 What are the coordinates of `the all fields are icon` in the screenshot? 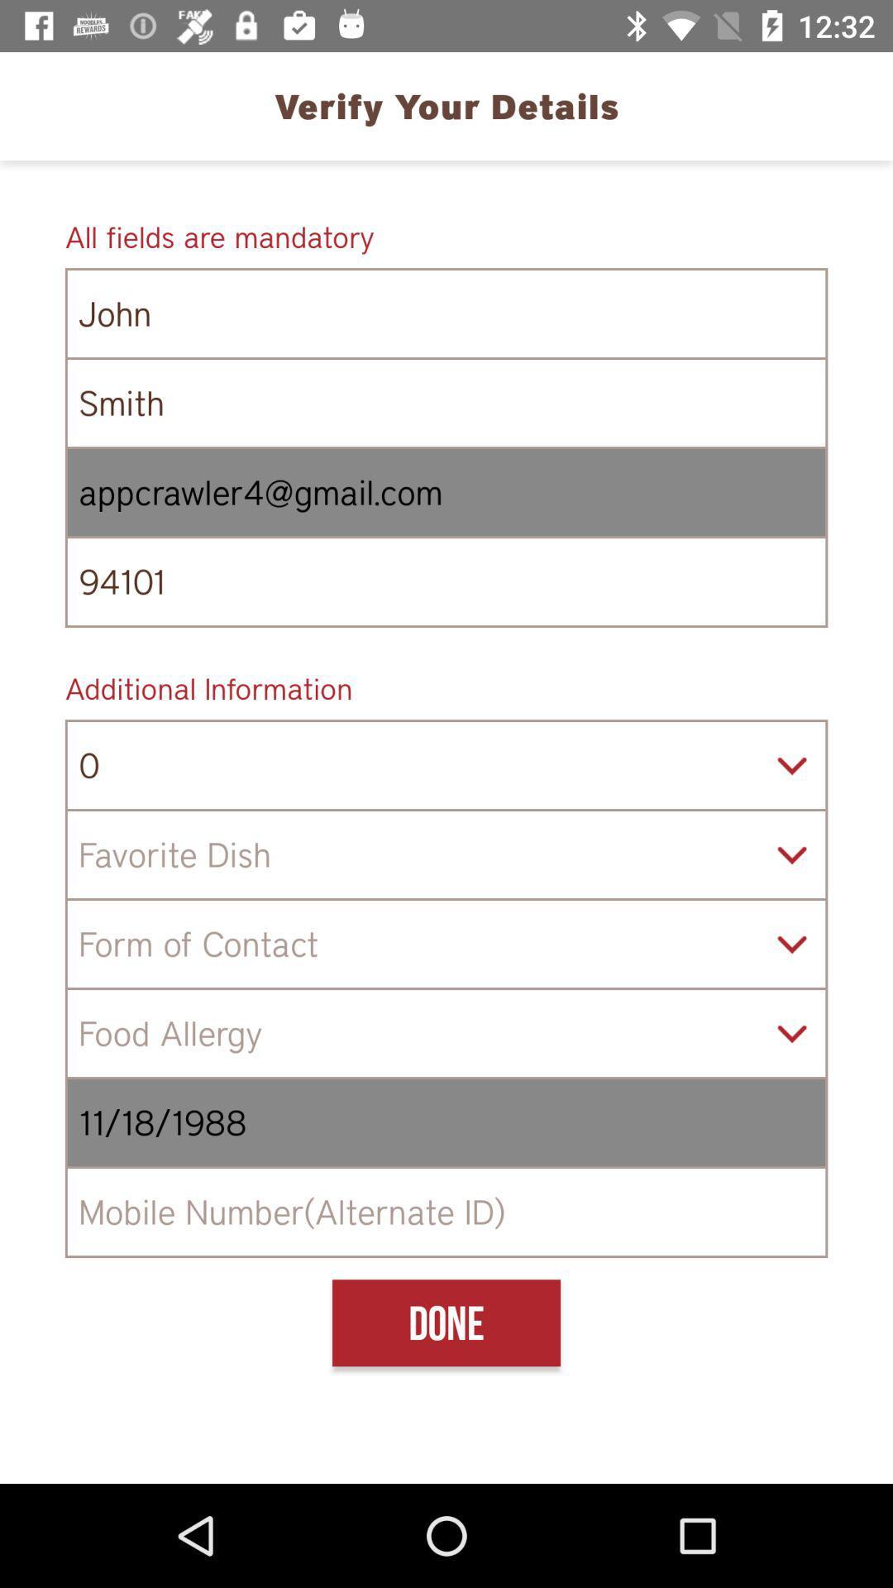 It's located at (446, 236).